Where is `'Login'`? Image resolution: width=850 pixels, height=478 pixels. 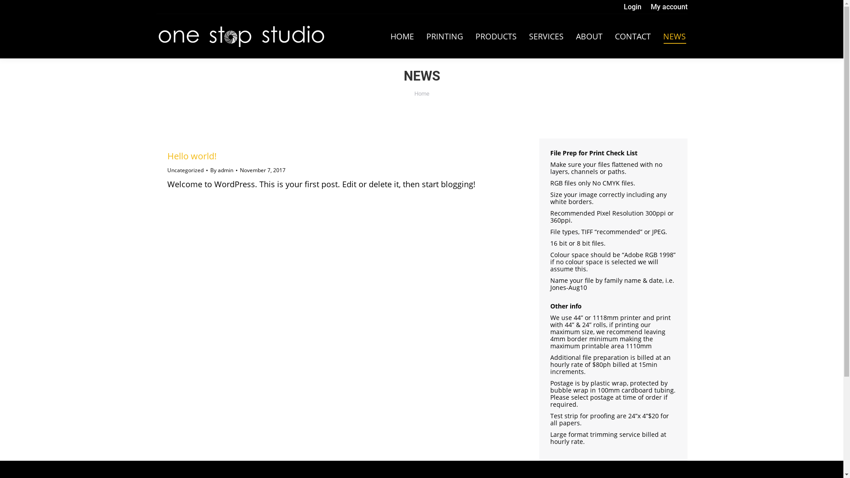 'Login' is located at coordinates (631, 7).